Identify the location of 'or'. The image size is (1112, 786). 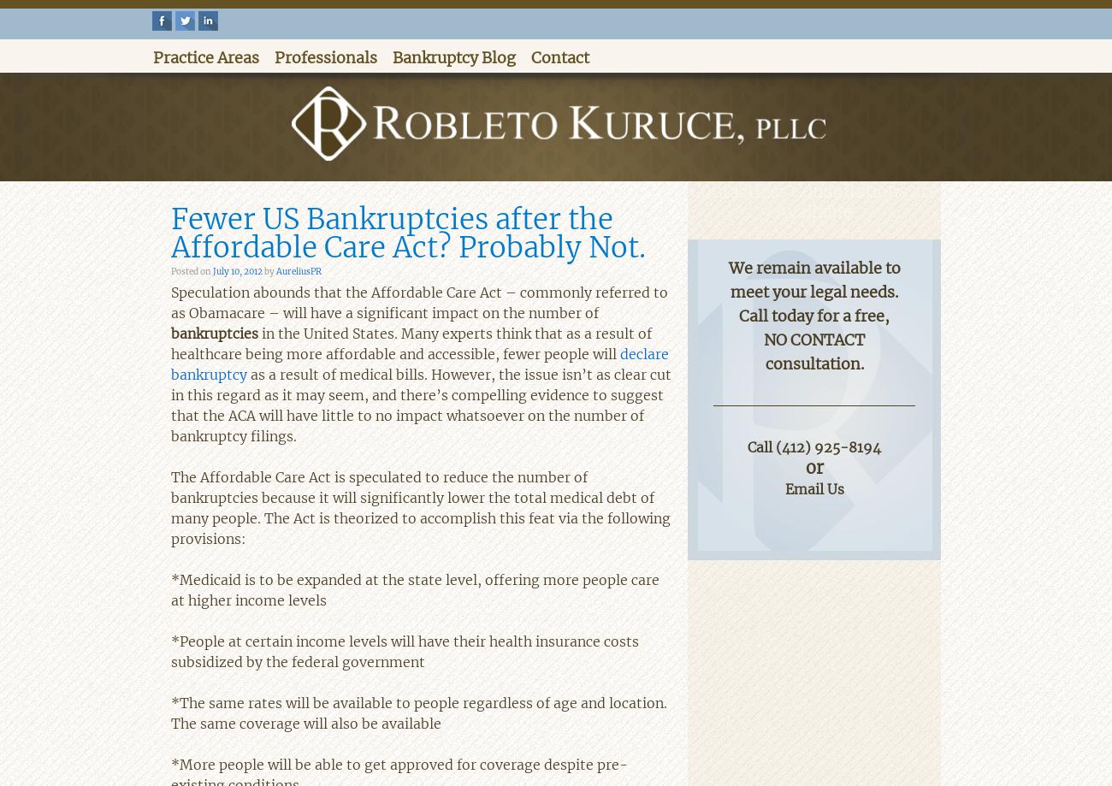
(813, 465).